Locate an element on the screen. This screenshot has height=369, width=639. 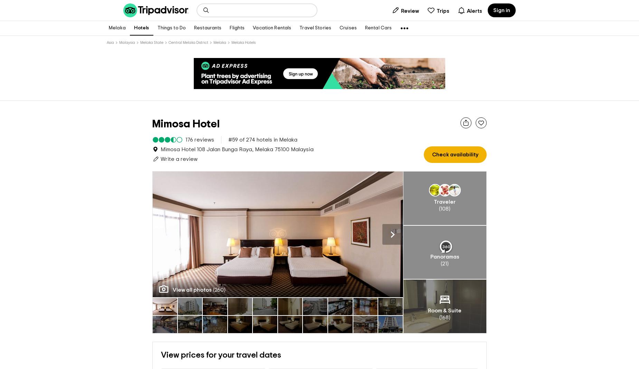
'Write a review' is located at coordinates (179, 158).